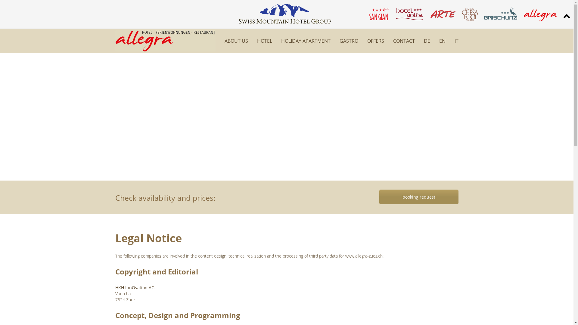  I want to click on 'EN', so click(439, 41).